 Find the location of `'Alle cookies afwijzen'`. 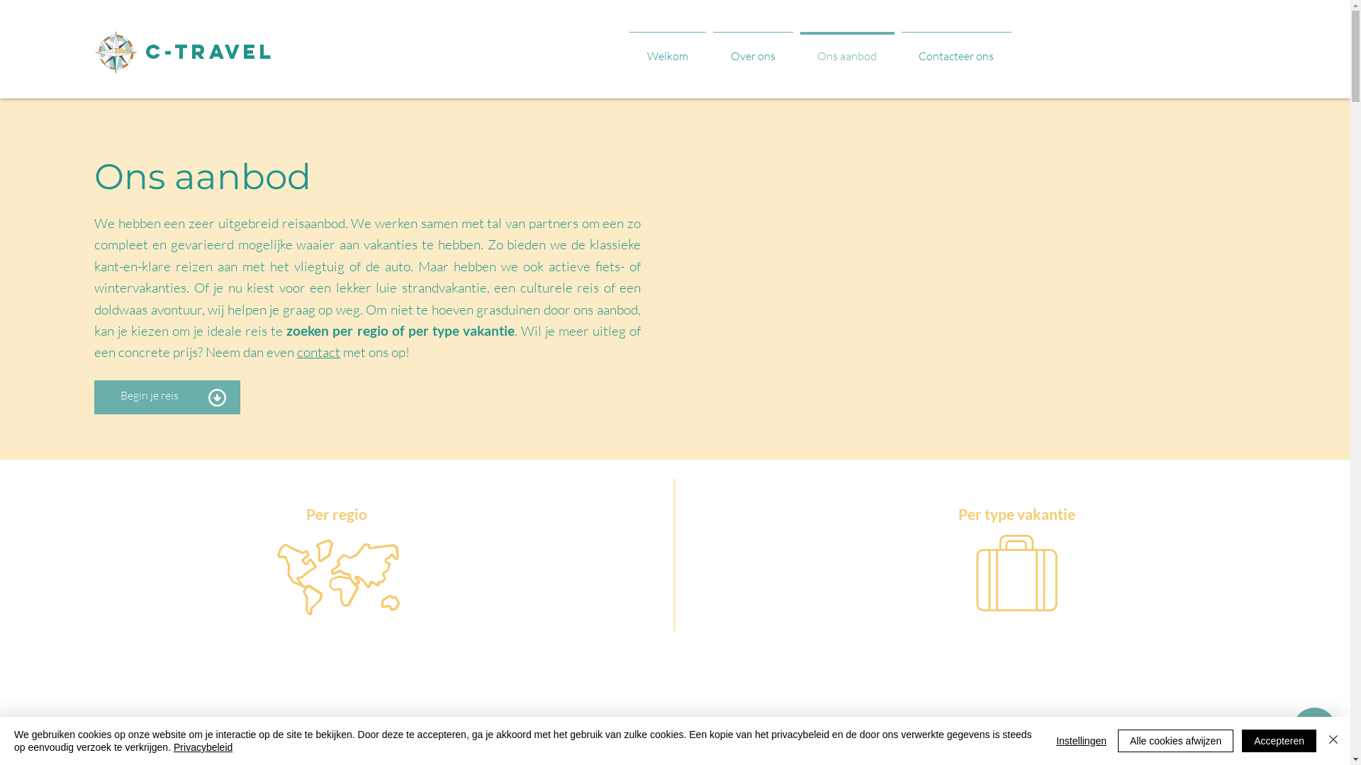

'Alle cookies afwijzen' is located at coordinates (1175, 739).